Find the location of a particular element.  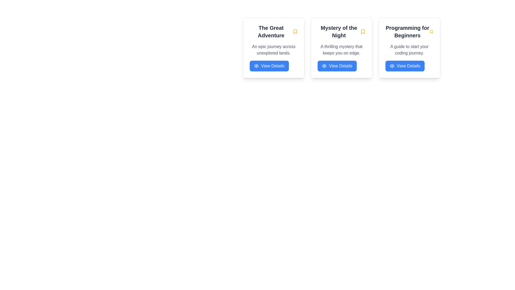

the yellow bookmark icon located at the upper-right corner of the 'Programming for Beginners' card is located at coordinates (431, 32).